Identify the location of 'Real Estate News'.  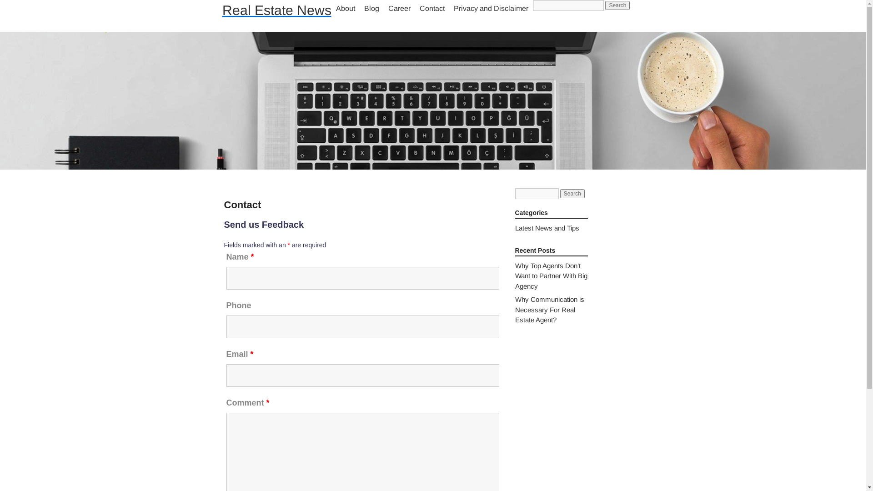
(276, 10).